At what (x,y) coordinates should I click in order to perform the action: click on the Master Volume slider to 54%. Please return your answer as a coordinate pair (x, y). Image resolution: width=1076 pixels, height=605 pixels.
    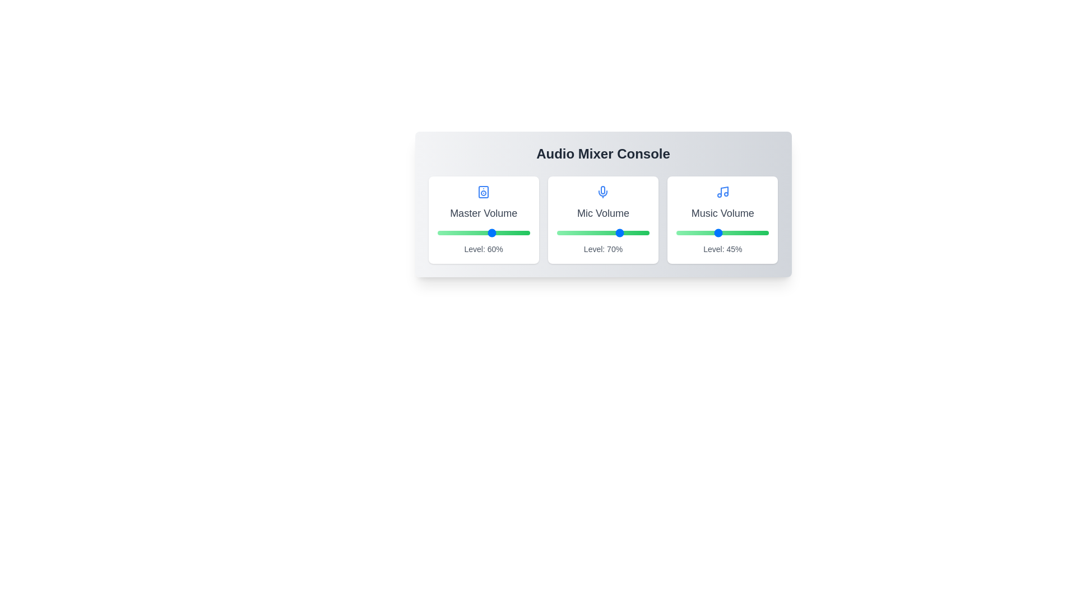
    Looking at the image, I should click on (487, 232).